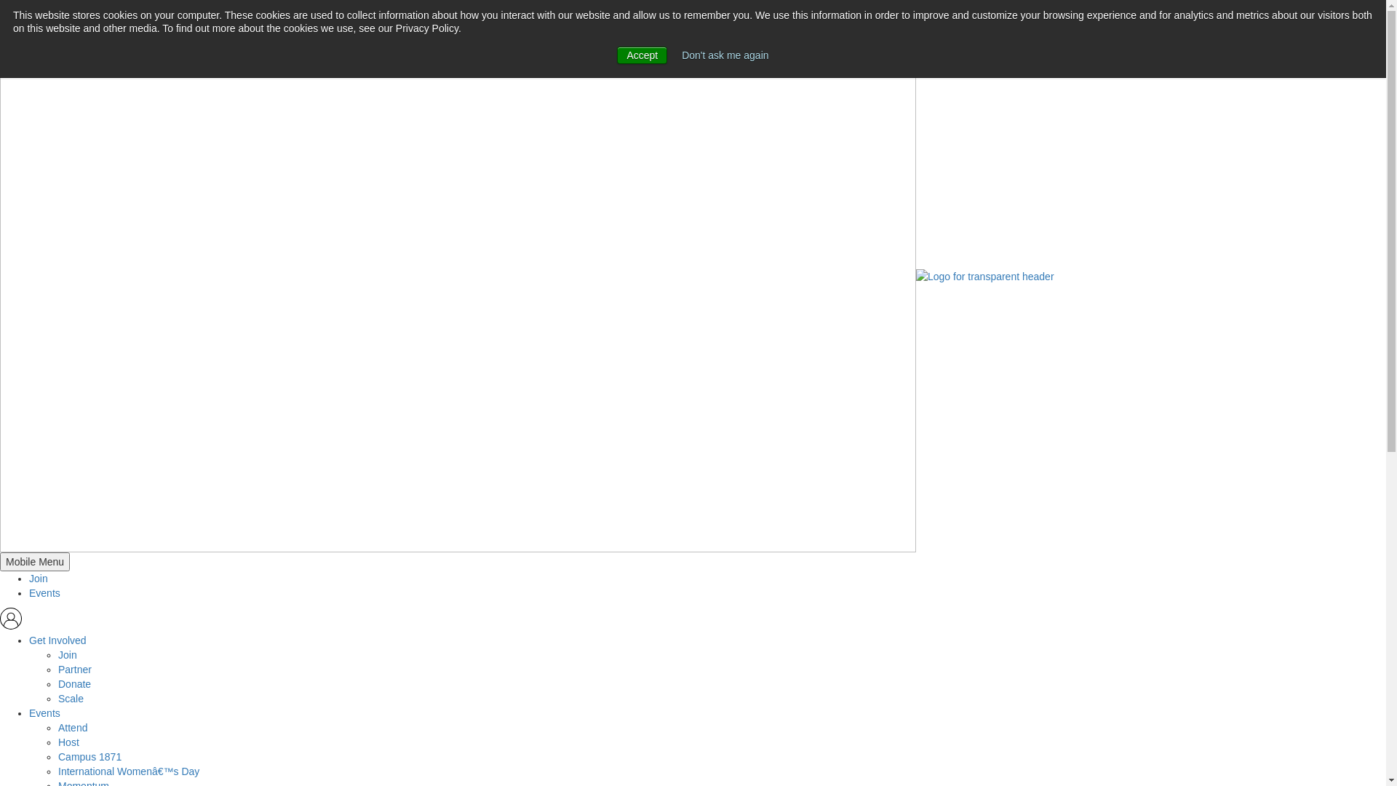 The image size is (1397, 786). Describe the element at coordinates (44, 592) in the screenshot. I see `'Events'` at that location.